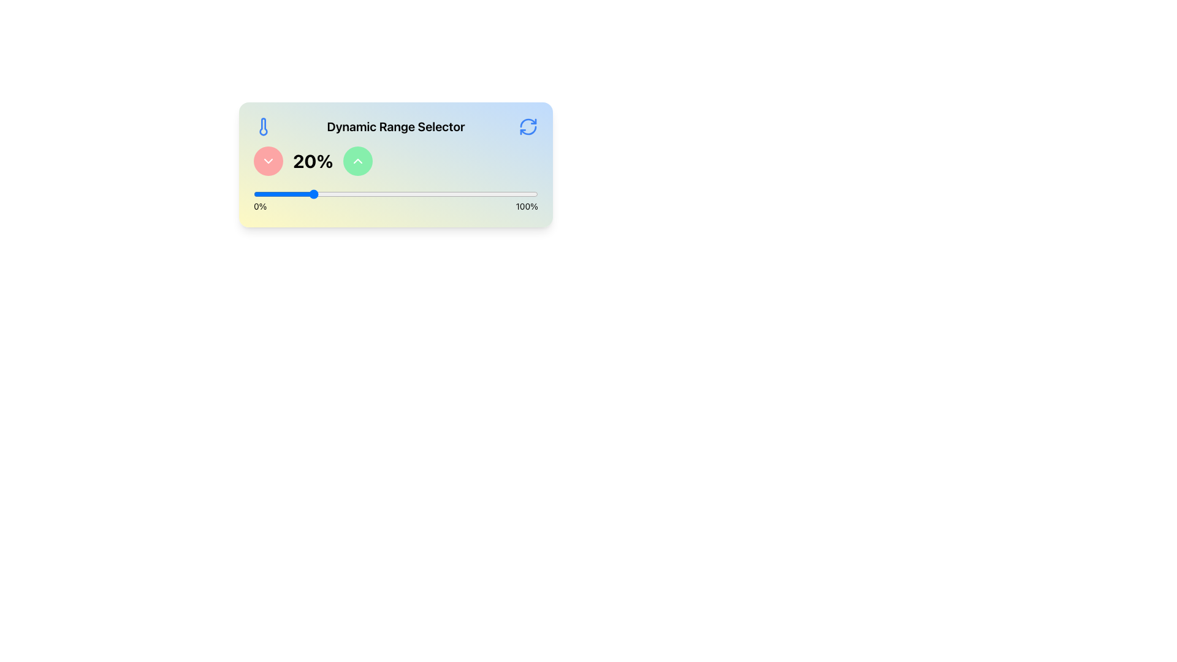 The image size is (1177, 662). What do you see at coordinates (518, 193) in the screenshot?
I see `the range slider value` at bounding box center [518, 193].